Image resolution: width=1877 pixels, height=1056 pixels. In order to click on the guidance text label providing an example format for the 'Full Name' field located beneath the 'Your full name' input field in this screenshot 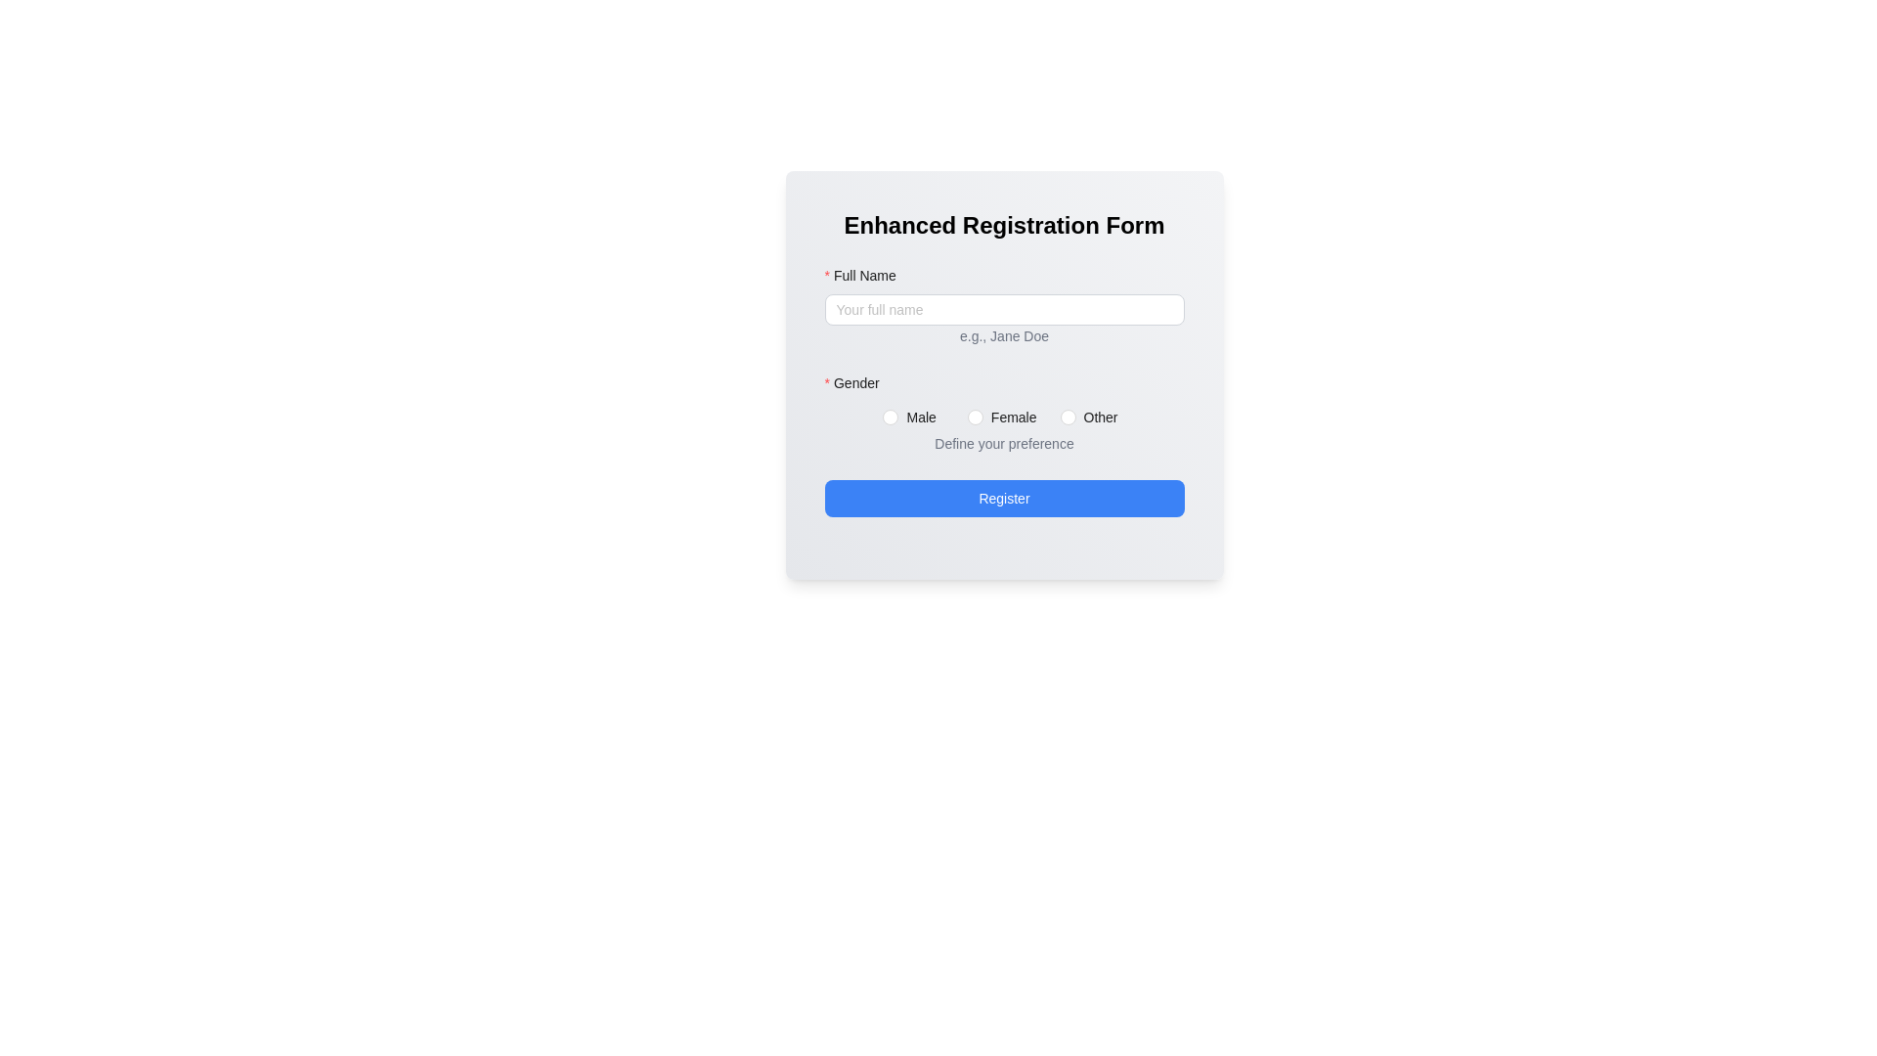, I will do `click(1004, 335)`.